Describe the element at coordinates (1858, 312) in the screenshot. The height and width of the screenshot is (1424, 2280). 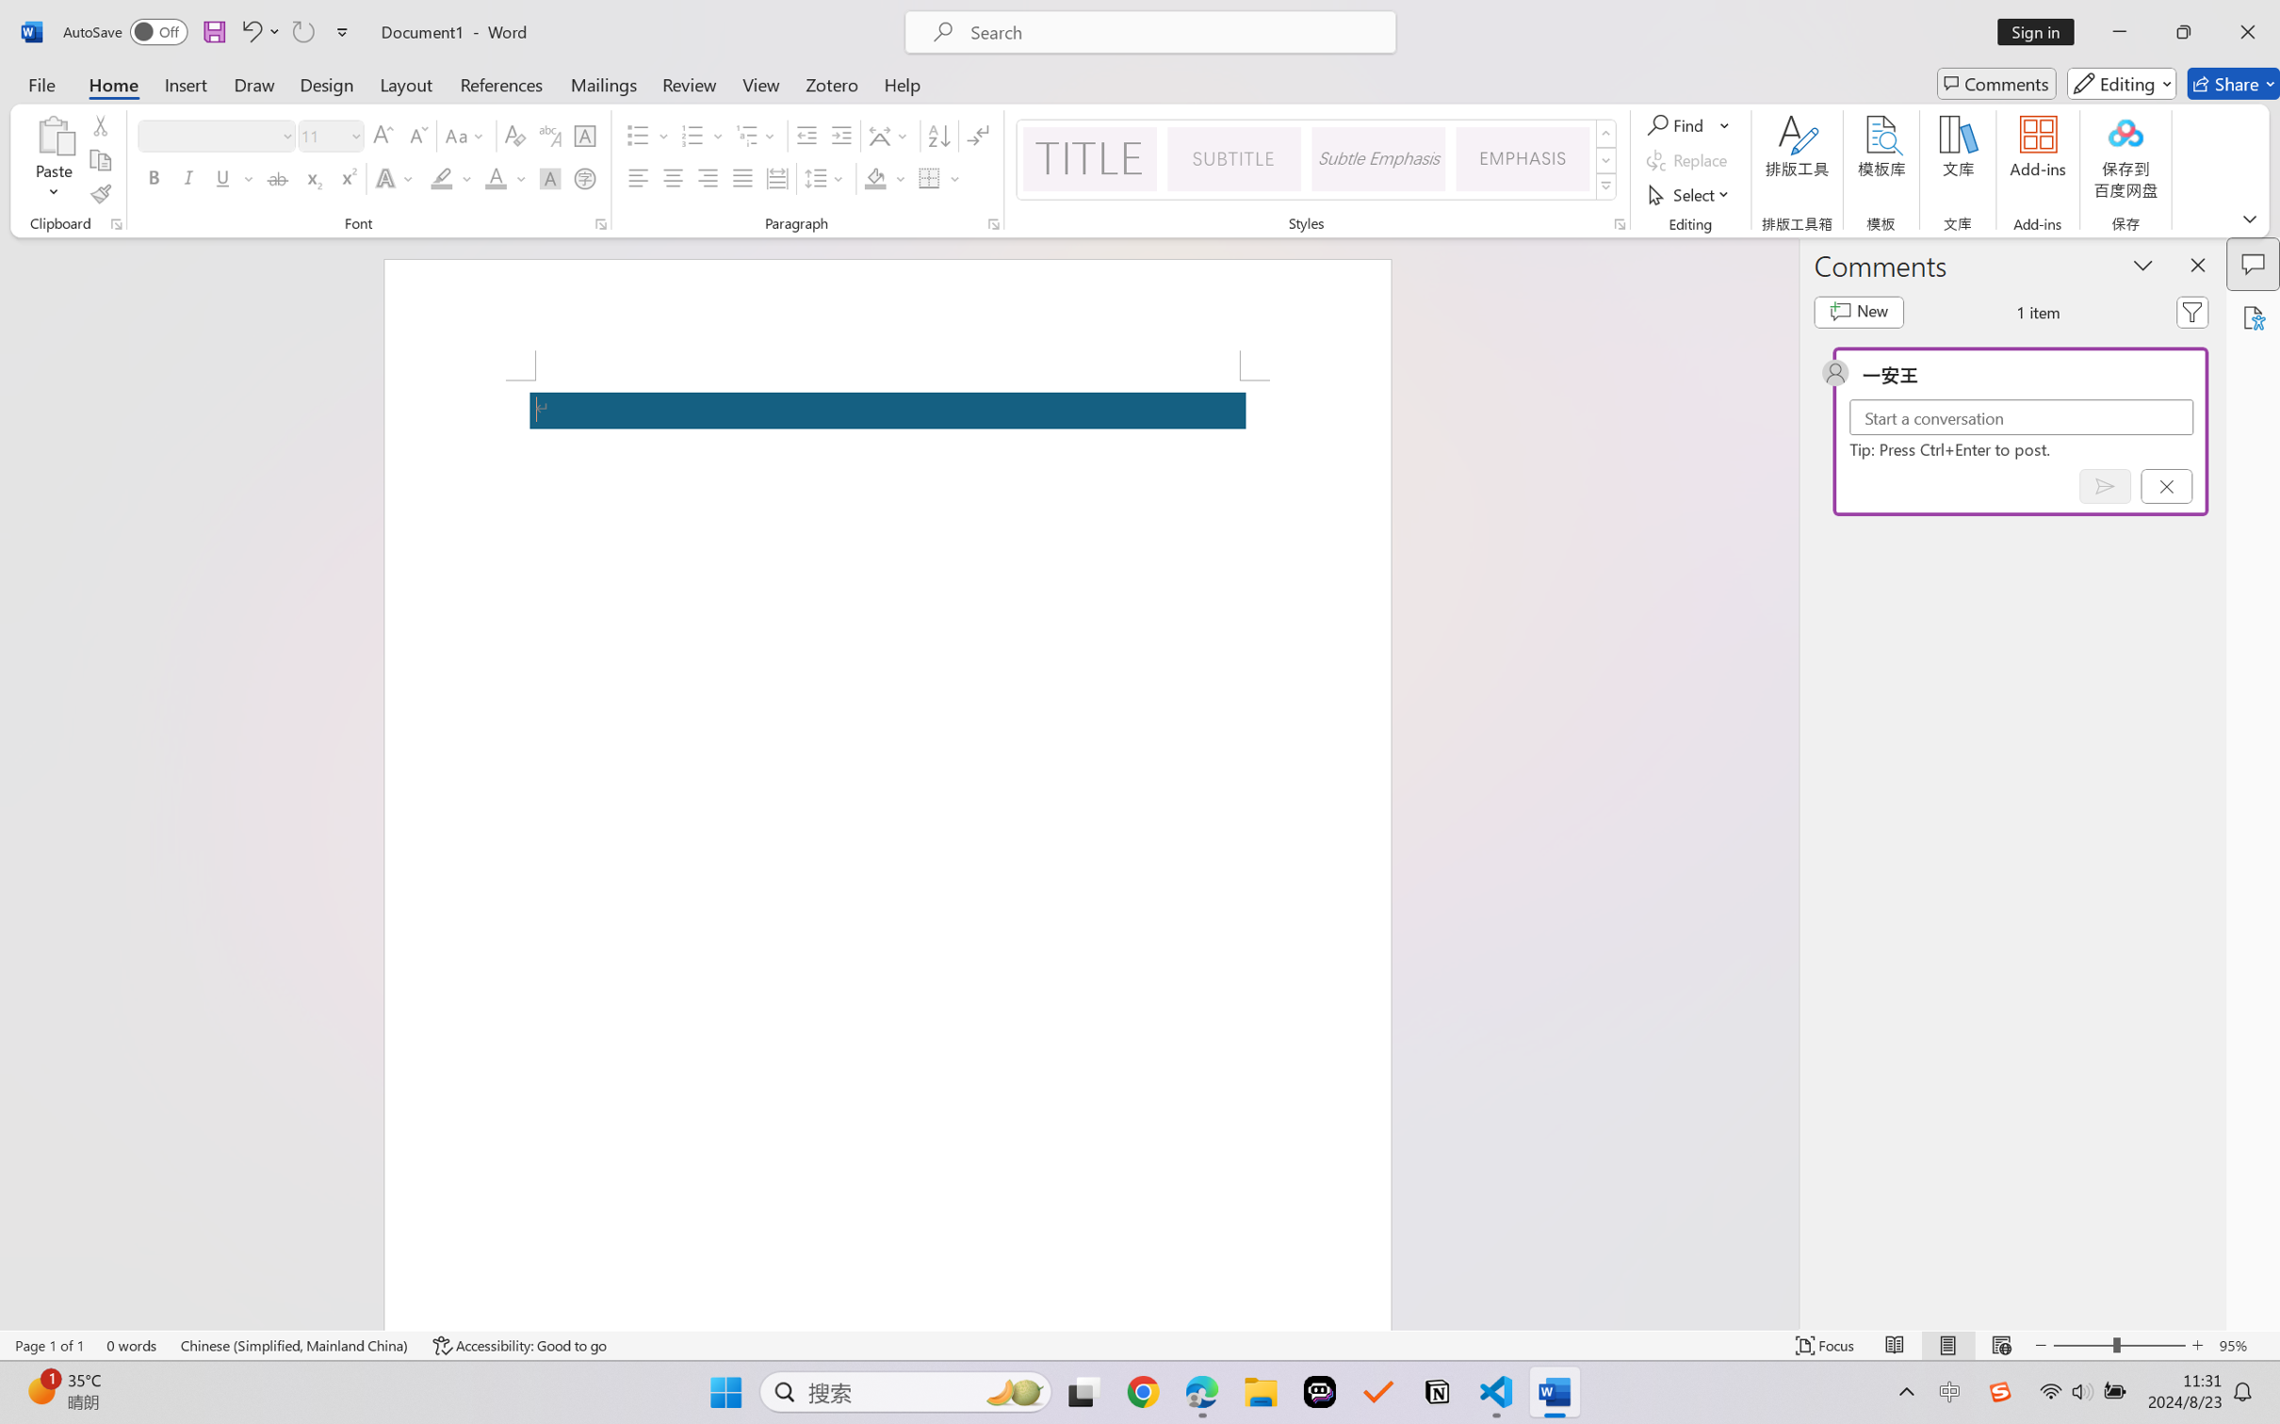
I see `'New comment'` at that location.